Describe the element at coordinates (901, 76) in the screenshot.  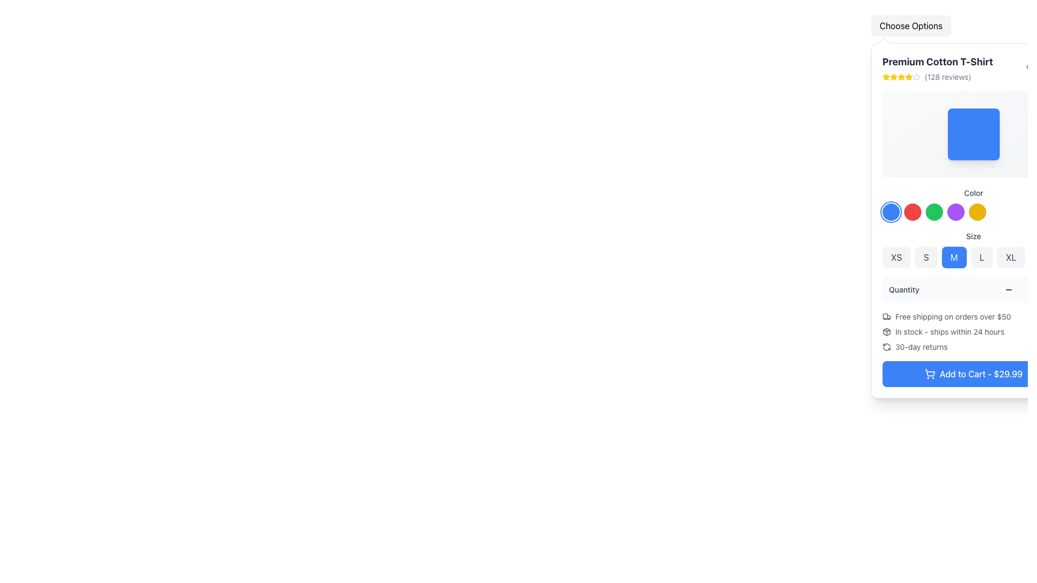
I see `the fourth star icon in the 5-star rating component to provide feedback or a rating` at that location.